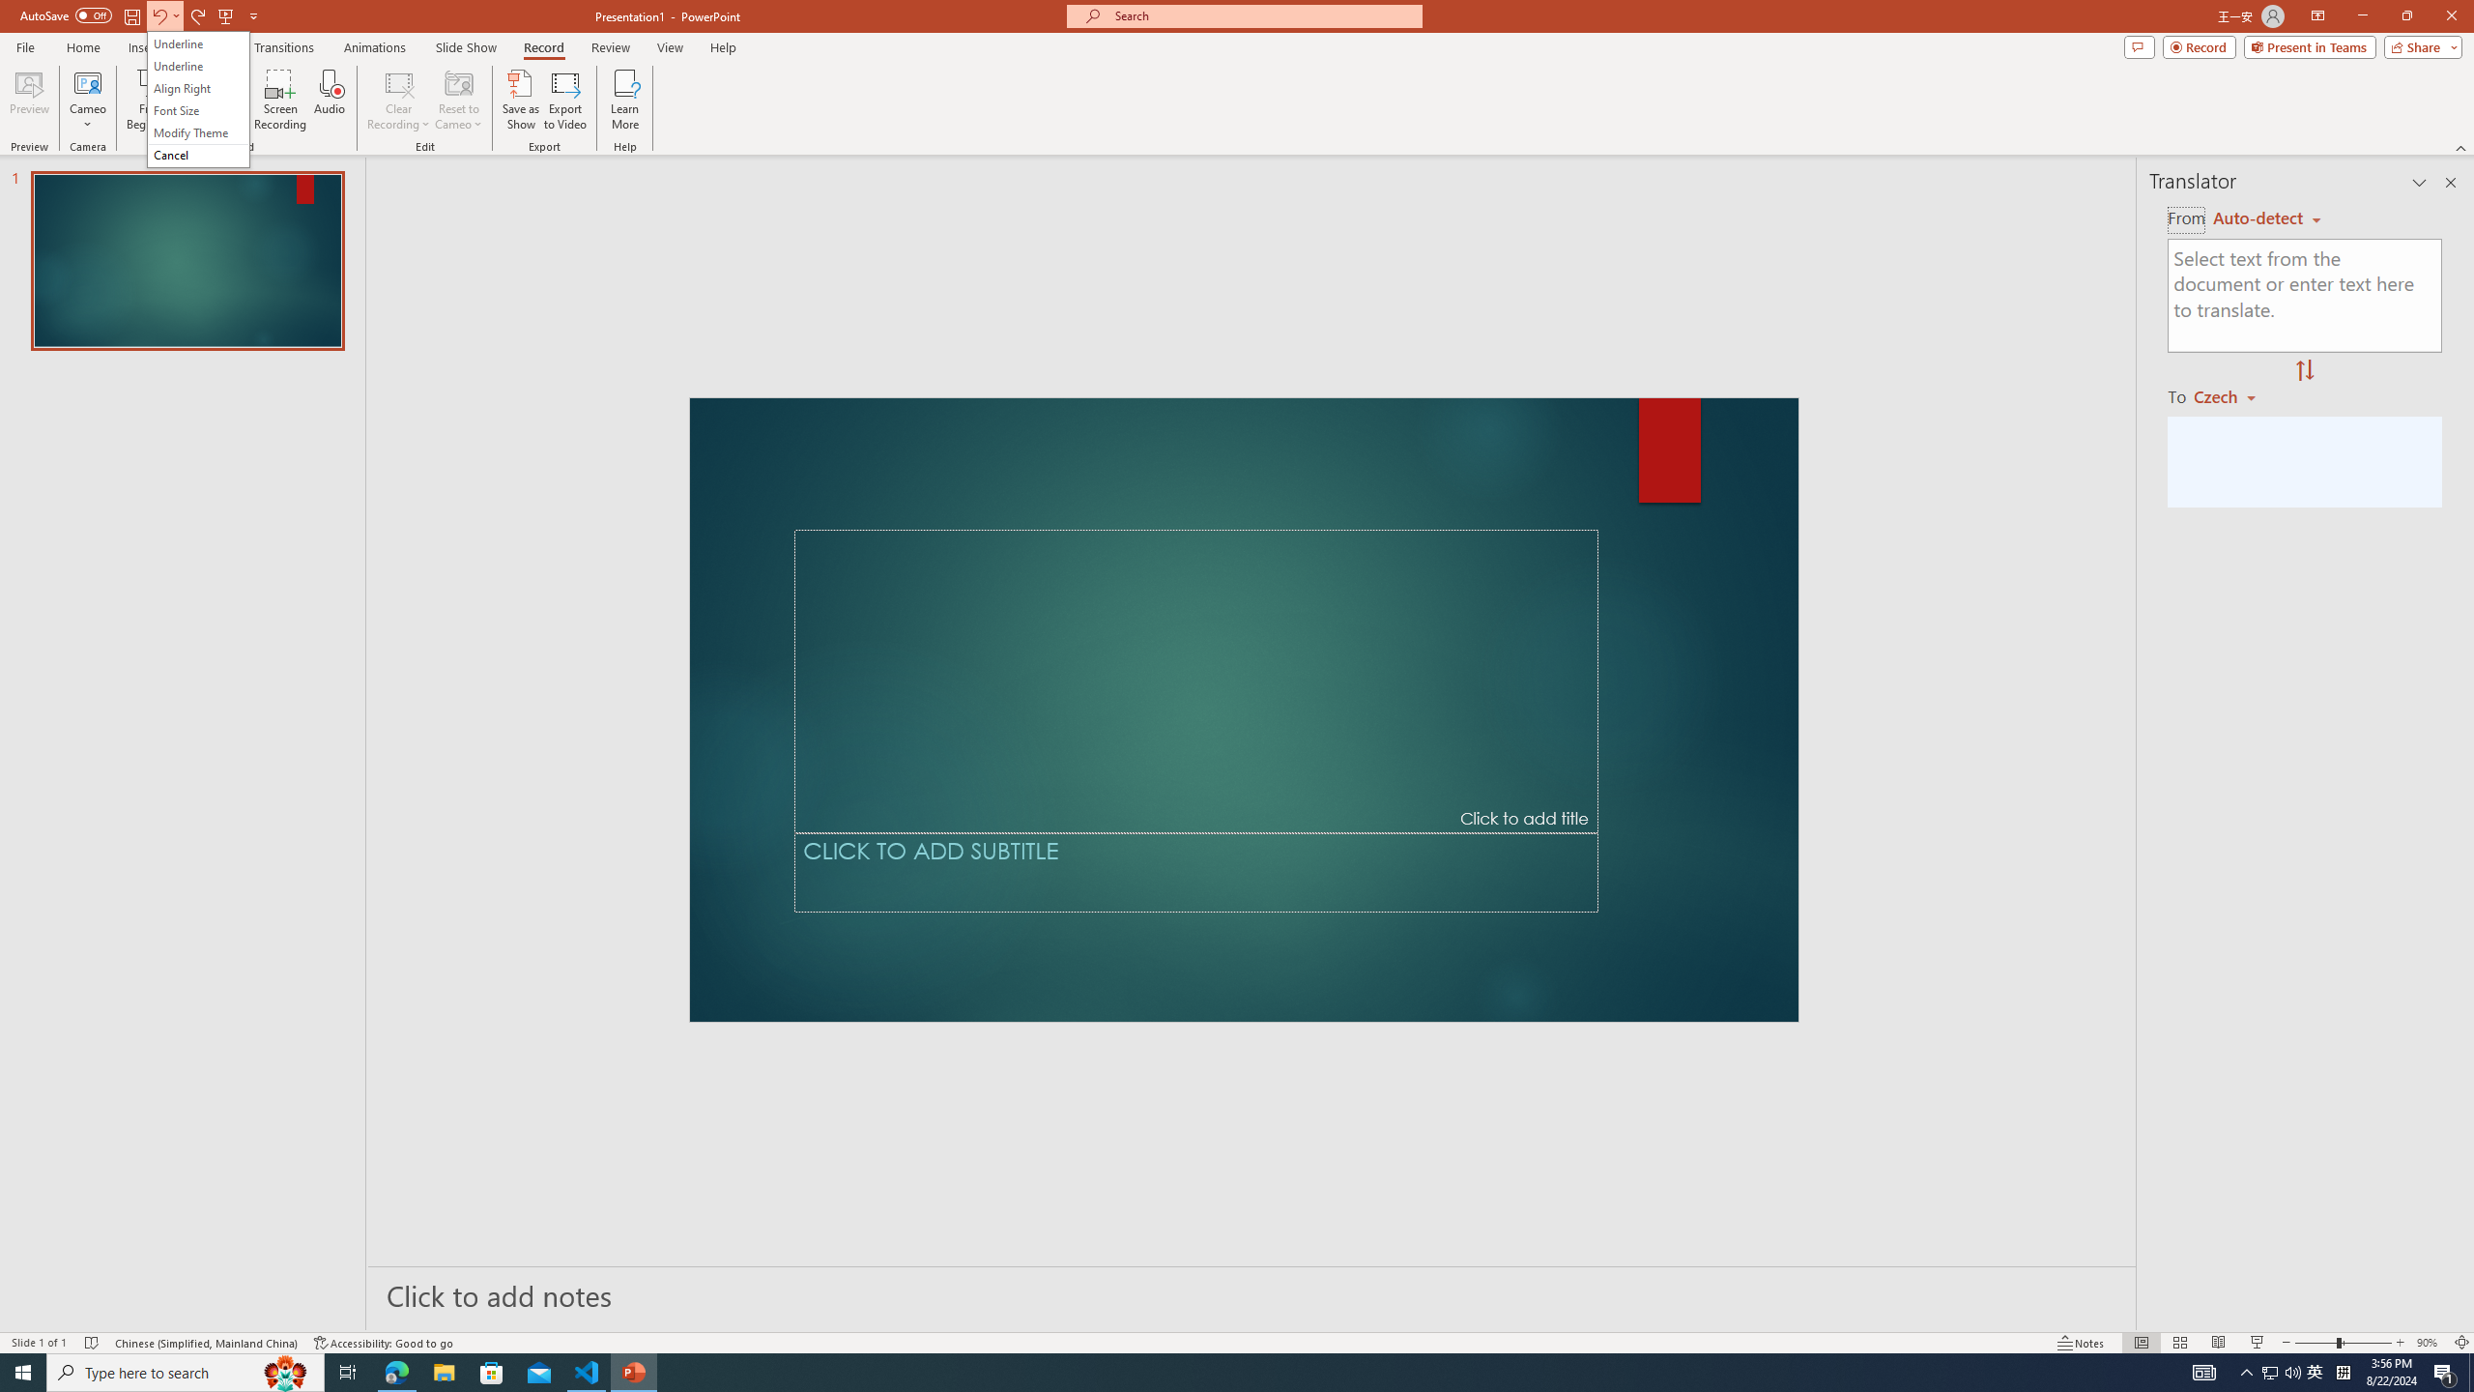 The height and width of the screenshot is (1392, 2474). I want to click on 'Zoom 90%', so click(2431, 1343).